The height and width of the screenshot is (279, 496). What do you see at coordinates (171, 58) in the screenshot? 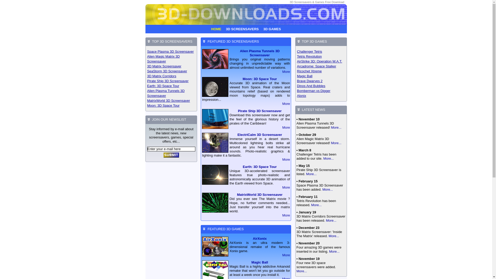
I see `'Alien Magic Matrix 3D Screensaver'` at bounding box center [171, 58].